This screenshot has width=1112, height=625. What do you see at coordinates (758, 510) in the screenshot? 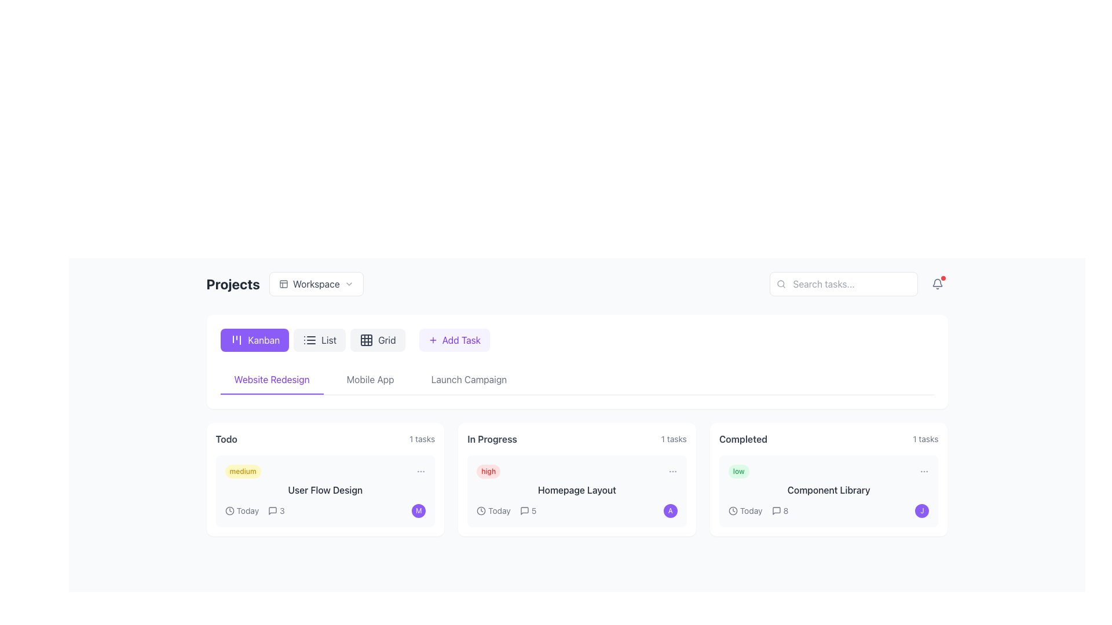
I see `the grouped UI components consisting of a clock icon, the text 'Today,' and the number '8' located on the Completed task card in the Kanban section` at bounding box center [758, 510].